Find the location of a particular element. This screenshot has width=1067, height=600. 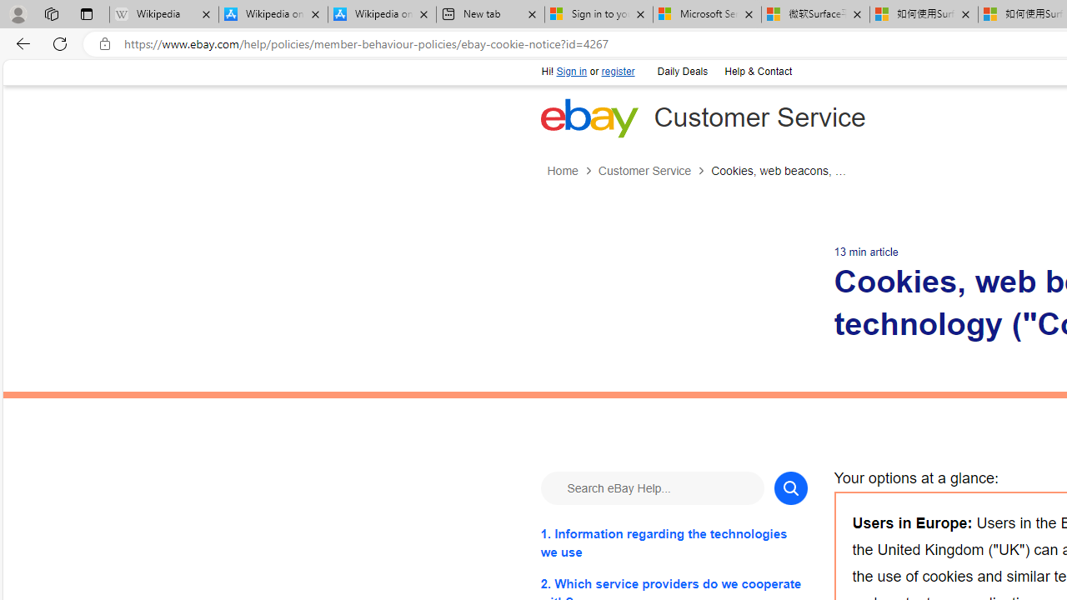

'eBay Home' is located at coordinates (589, 117).